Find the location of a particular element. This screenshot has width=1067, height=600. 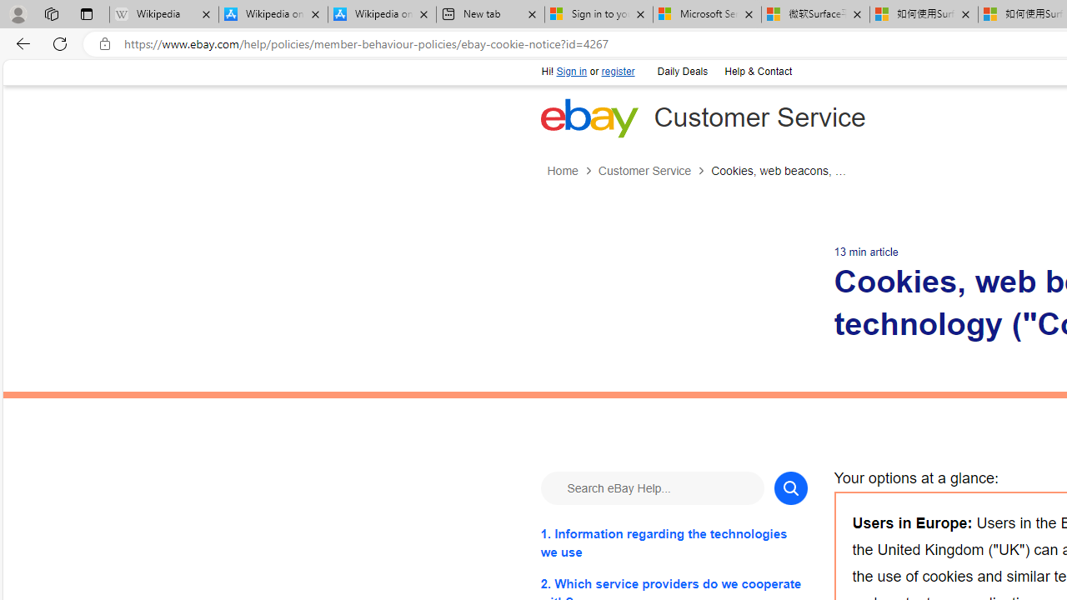

'eBay Home' is located at coordinates (589, 117).